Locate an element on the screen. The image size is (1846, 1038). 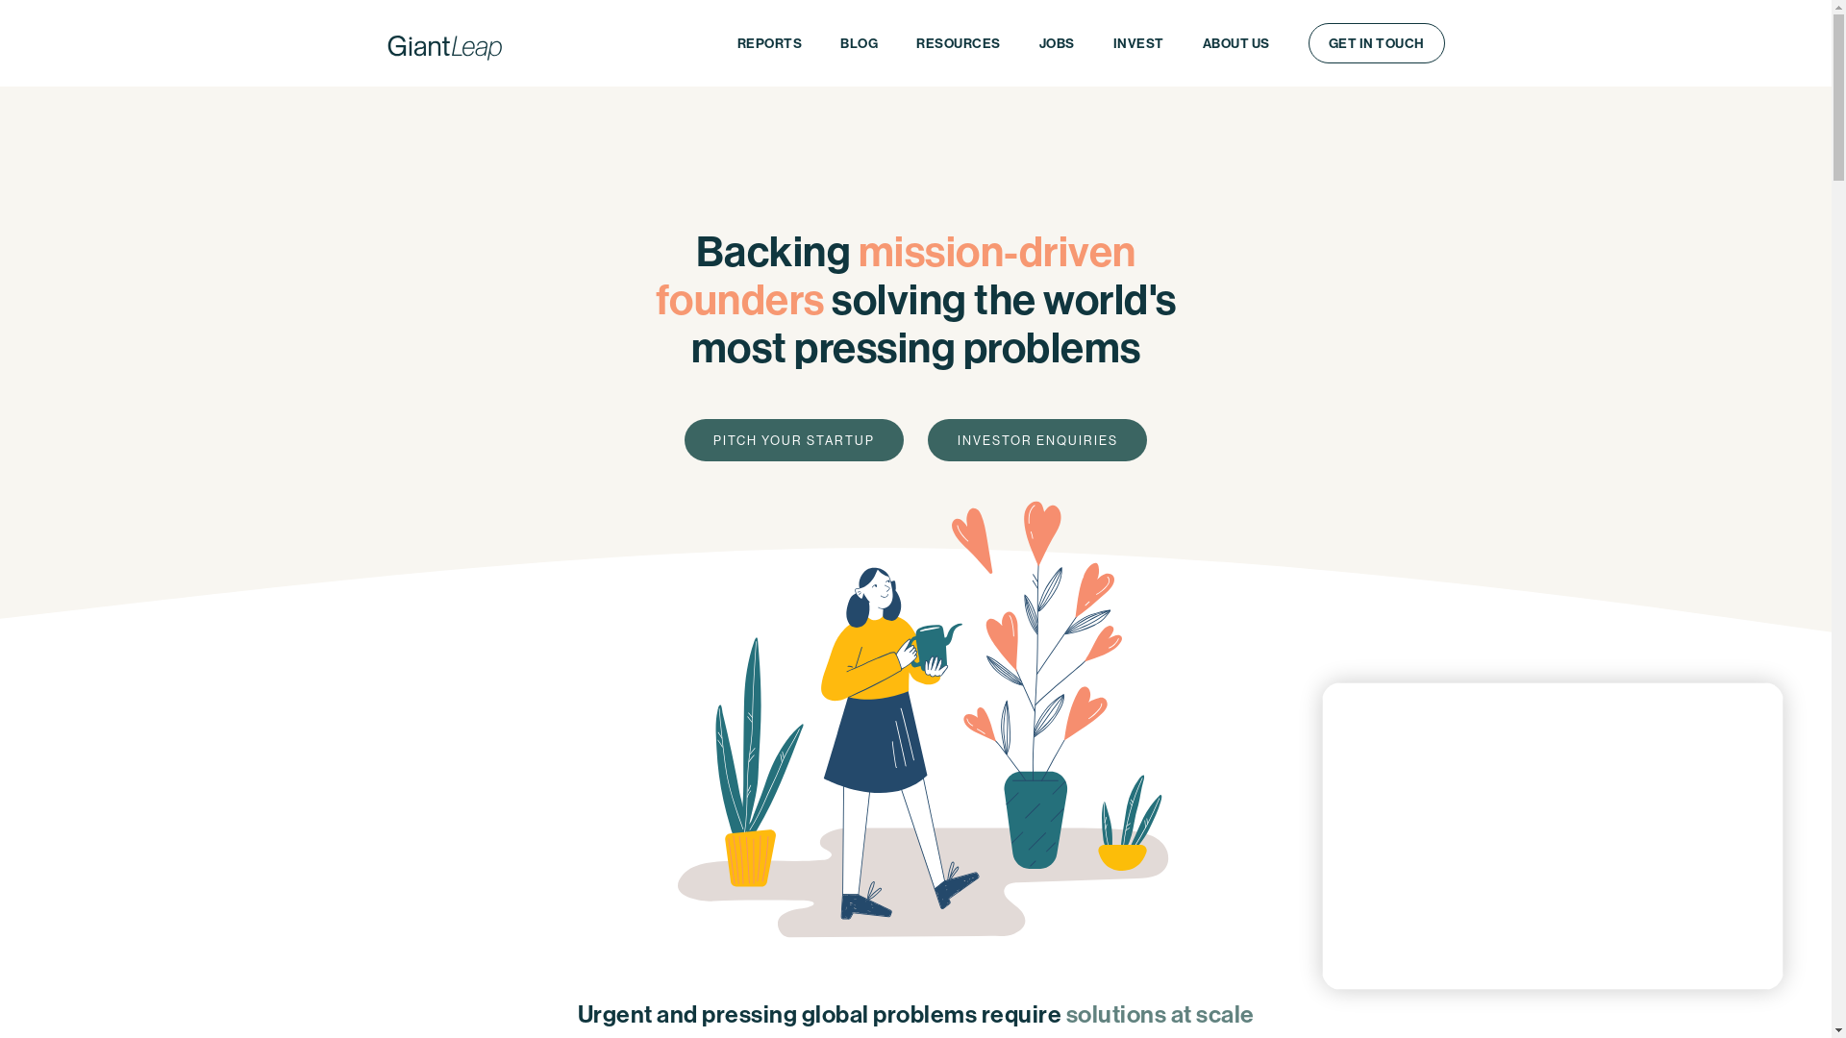
'PITCH YOUR STARTUP' is located at coordinates (793, 440).